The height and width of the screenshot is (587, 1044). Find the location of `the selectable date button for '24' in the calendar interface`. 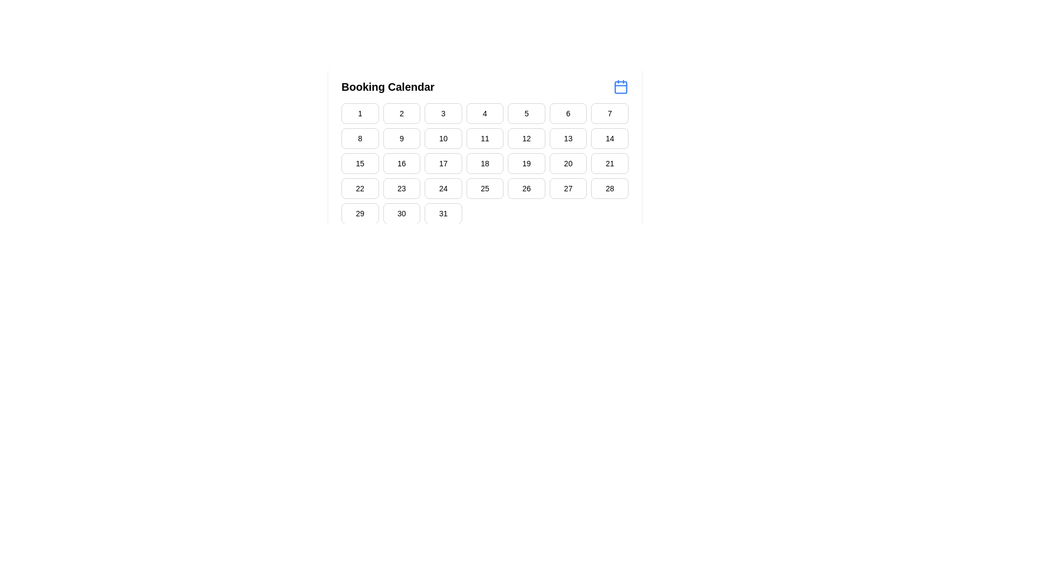

the selectable date button for '24' in the calendar interface is located at coordinates (443, 188).